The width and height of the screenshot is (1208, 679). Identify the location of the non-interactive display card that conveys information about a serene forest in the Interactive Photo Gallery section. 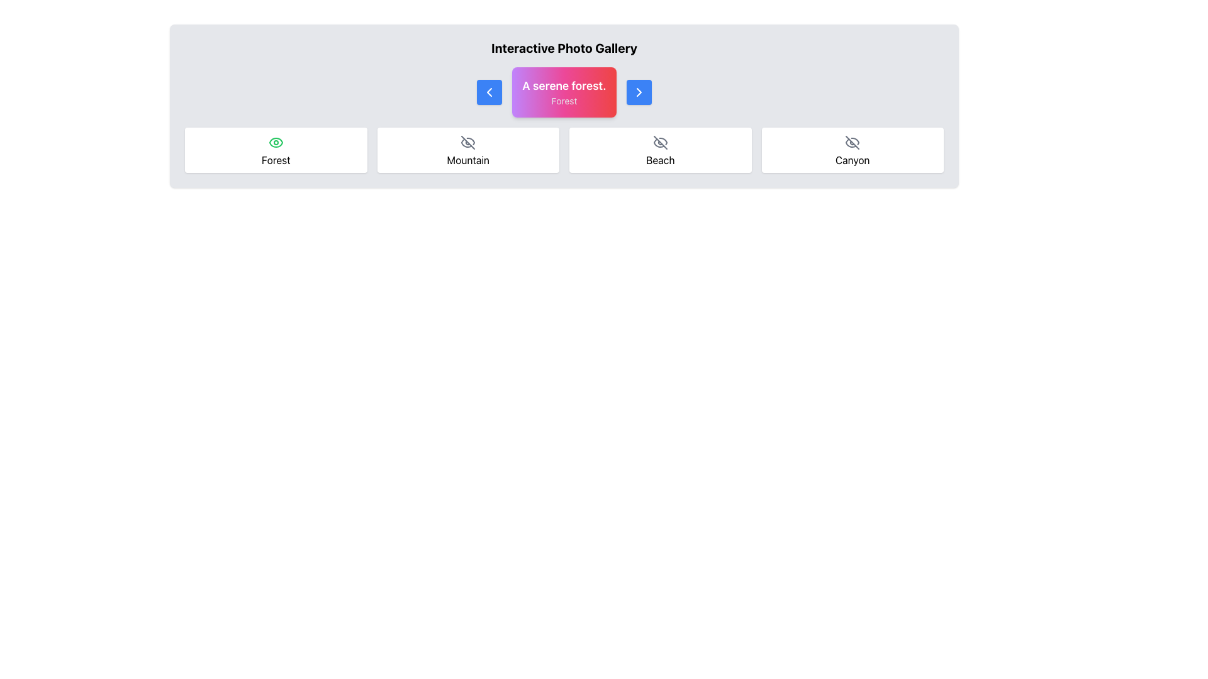
(564, 91).